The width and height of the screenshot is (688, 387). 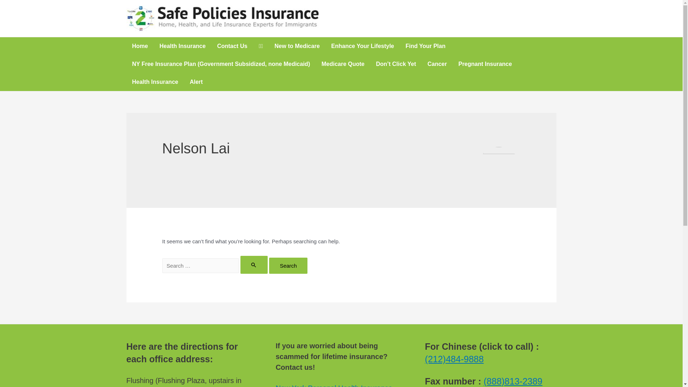 What do you see at coordinates (512, 381) in the screenshot?
I see `'(888)813-2389'` at bounding box center [512, 381].